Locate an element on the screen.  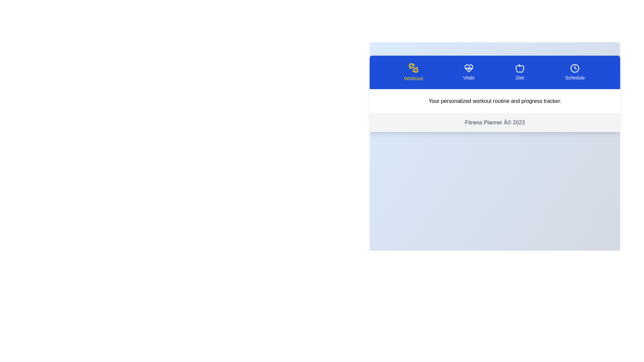
the tab labeled Diet to view its content is located at coordinates (519, 72).